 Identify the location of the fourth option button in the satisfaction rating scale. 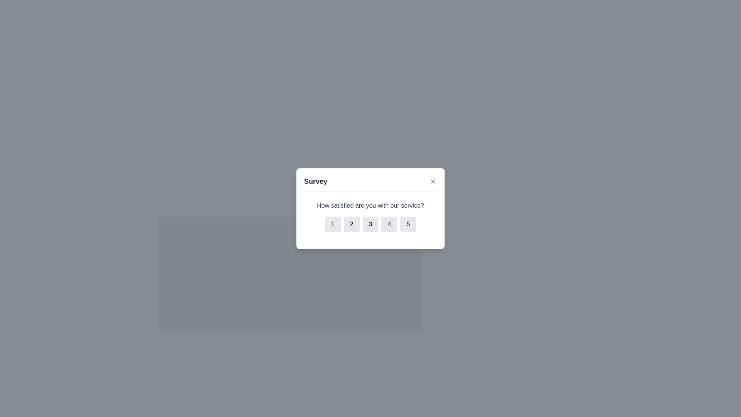
(389, 224).